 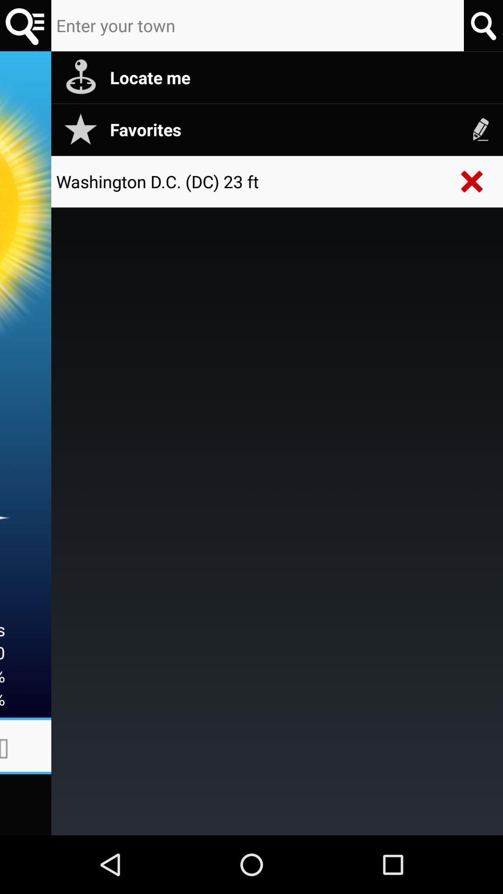 I want to click on the favorites icon, so click(x=301, y=129).